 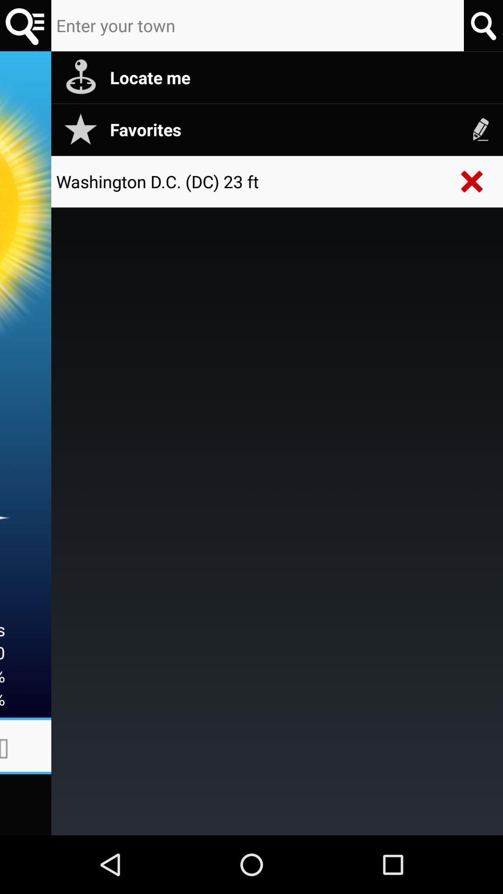 I want to click on the favorites icon, so click(x=301, y=129).